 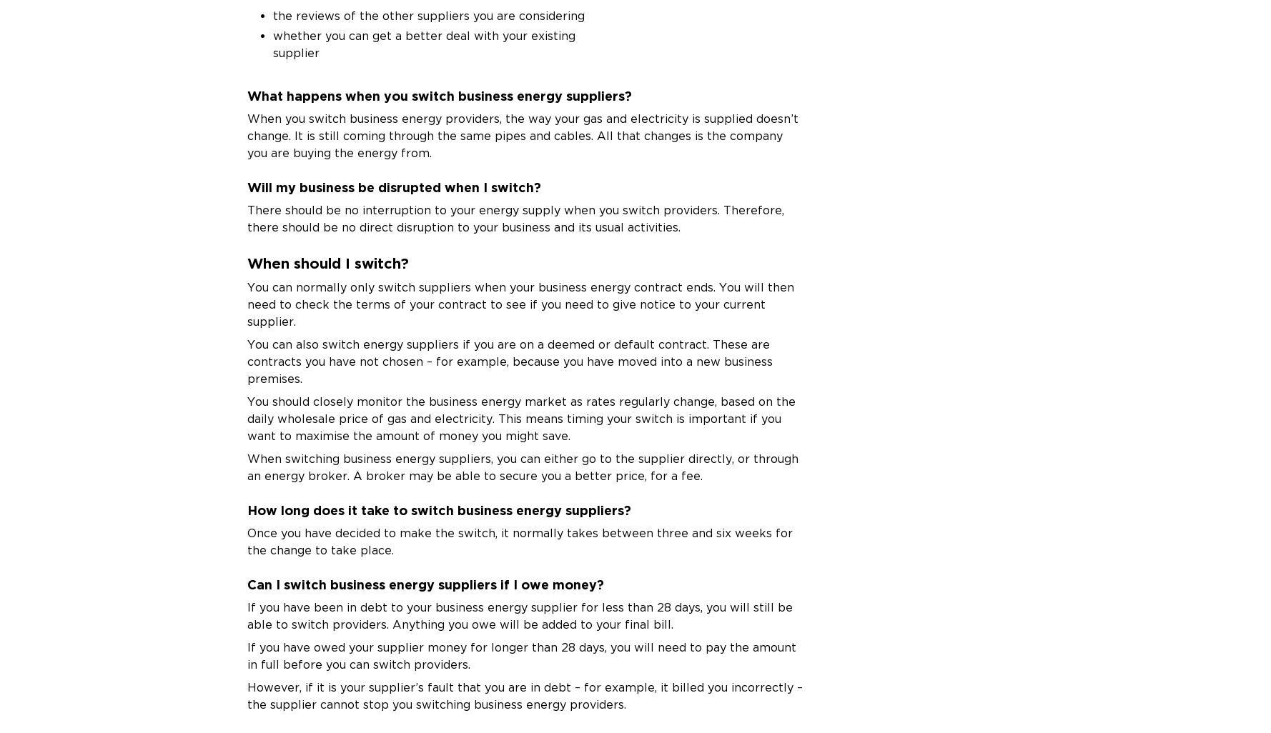 I want to click on 'You can normally only switch suppliers when your business energy contract ends. You will then need to check the terms of your contract to see if you need to give notice to your current supplier.', so click(x=520, y=304).